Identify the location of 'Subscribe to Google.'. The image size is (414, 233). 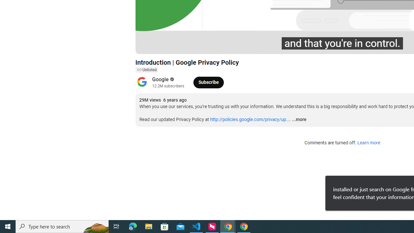
(208, 82).